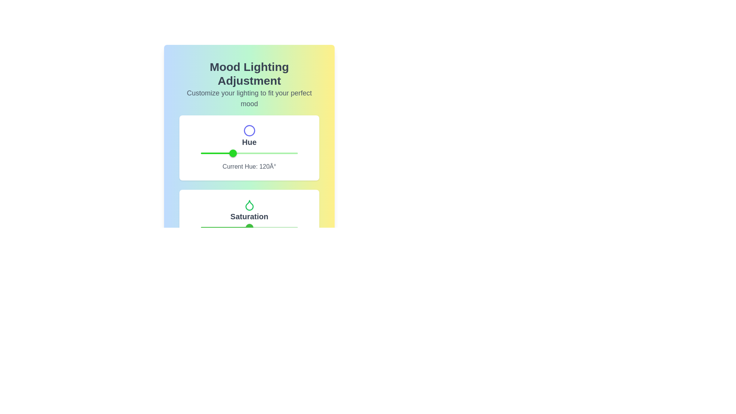  Describe the element at coordinates (217, 227) in the screenshot. I see `the slider` at that location.